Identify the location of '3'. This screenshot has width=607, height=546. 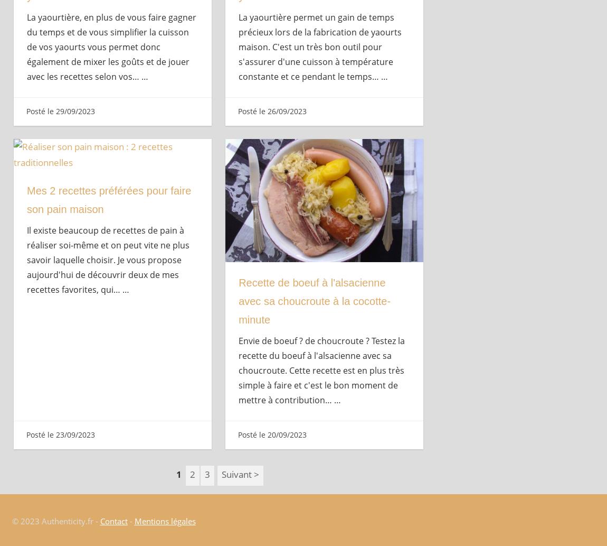
(207, 474).